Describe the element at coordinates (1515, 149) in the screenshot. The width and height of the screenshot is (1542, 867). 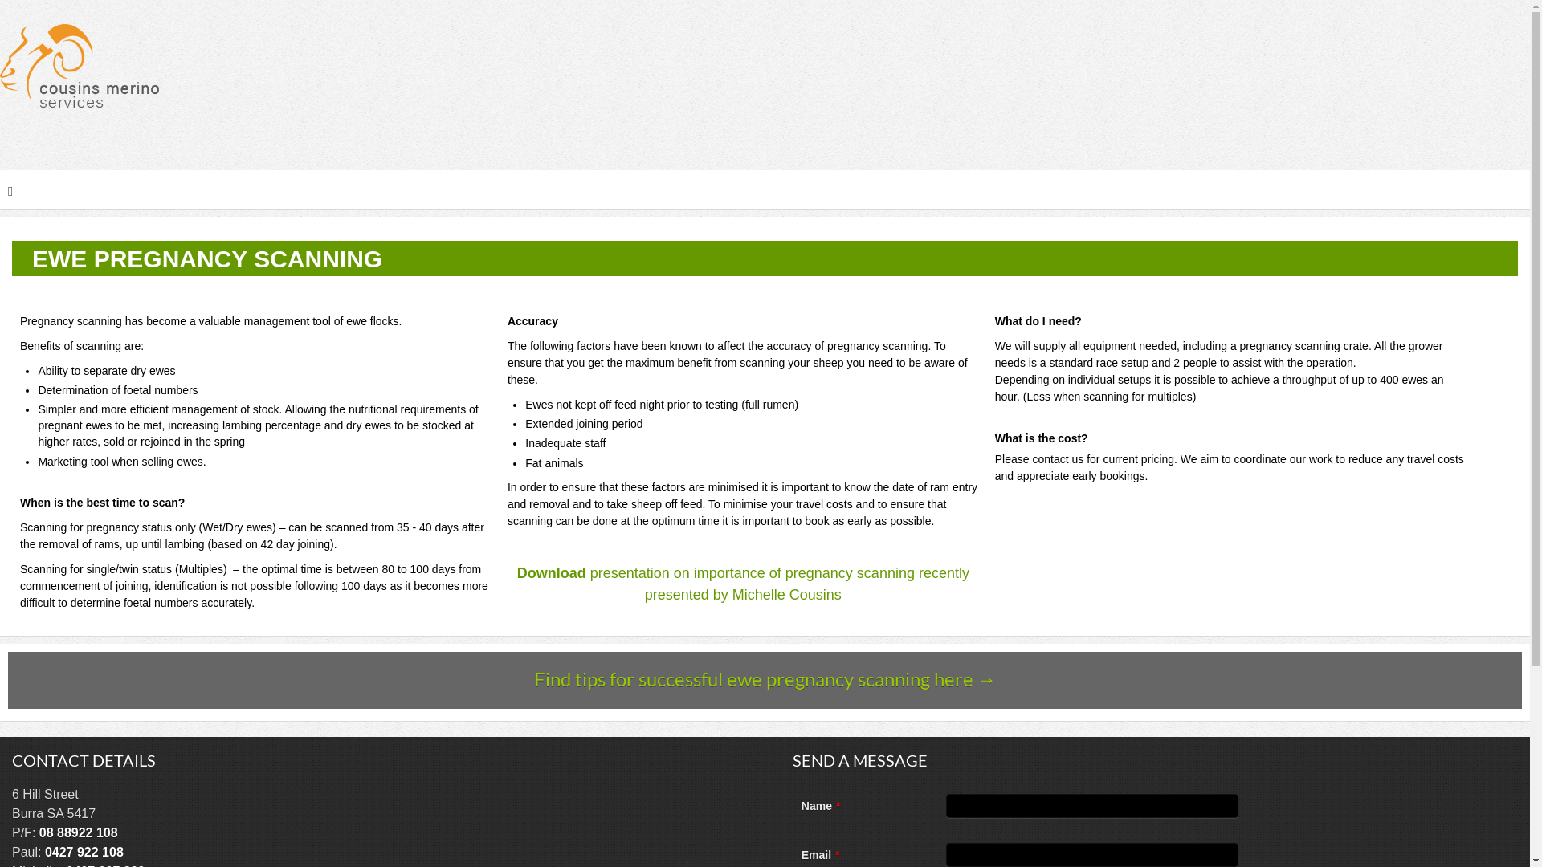
I see `'Facebook'` at that location.